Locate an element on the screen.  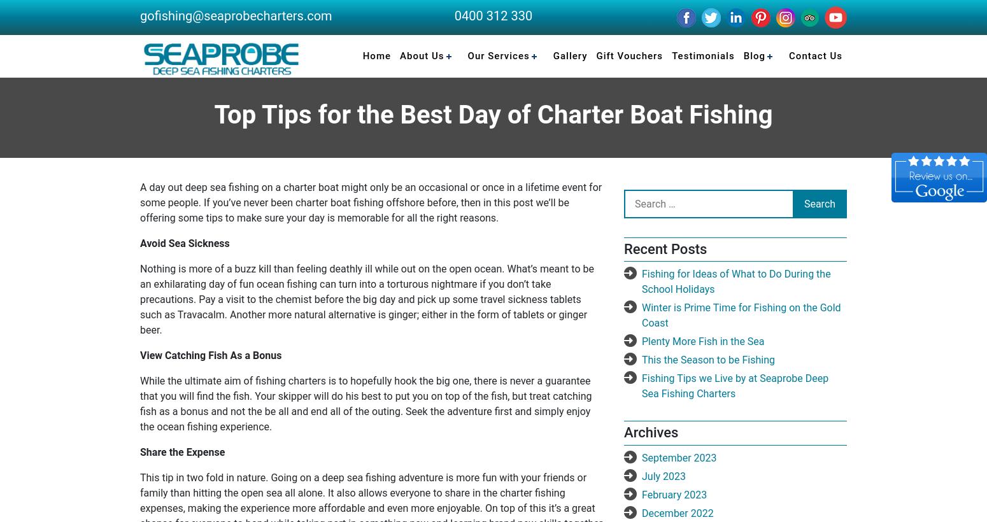
'Nothing is more of a buzz kill than feeling deathly ill while out on the open ocean. What’s meant to be an exhilarating day of fun ocean fishing can turn into a torturous nightmare if you don’t take precautions. Pay a visit to the chemist before the big day and pick up some travel sickness tablets such as Travacalm. Another more natural alternative is ginger; either in the form of tablets or ginger beer.' is located at coordinates (366, 299).